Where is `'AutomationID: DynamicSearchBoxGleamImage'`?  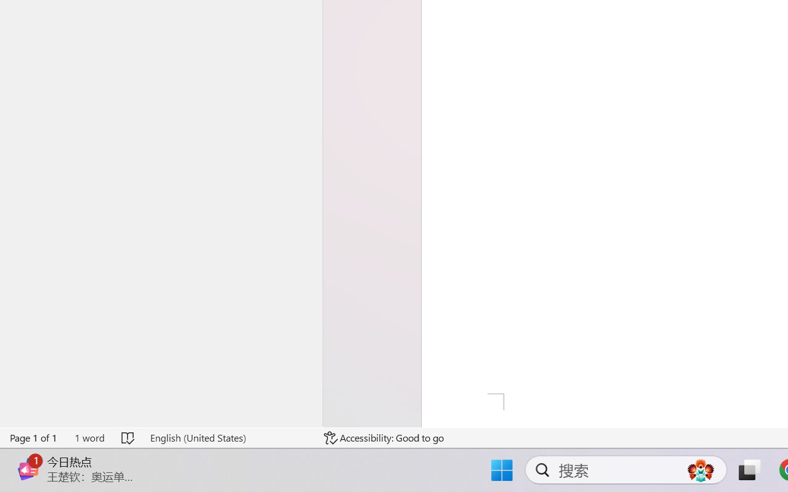
'AutomationID: DynamicSearchBoxGleamImage' is located at coordinates (701, 470).